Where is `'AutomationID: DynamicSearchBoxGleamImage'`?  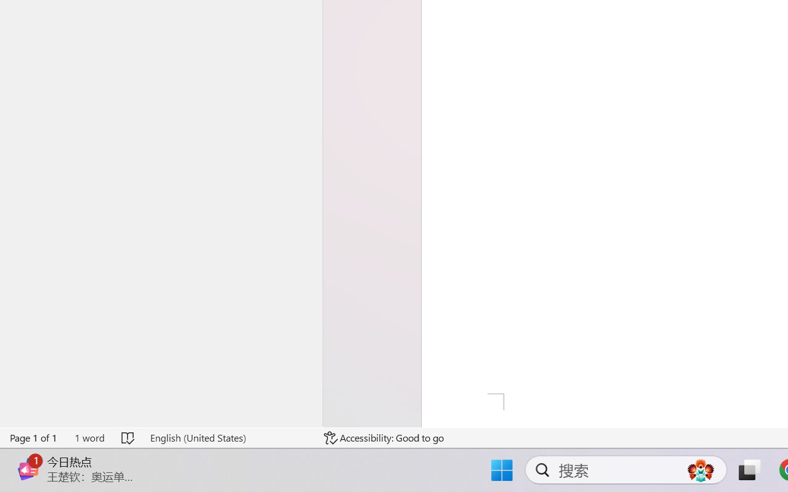
'AutomationID: DynamicSearchBoxGleamImage' is located at coordinates (701, 470).